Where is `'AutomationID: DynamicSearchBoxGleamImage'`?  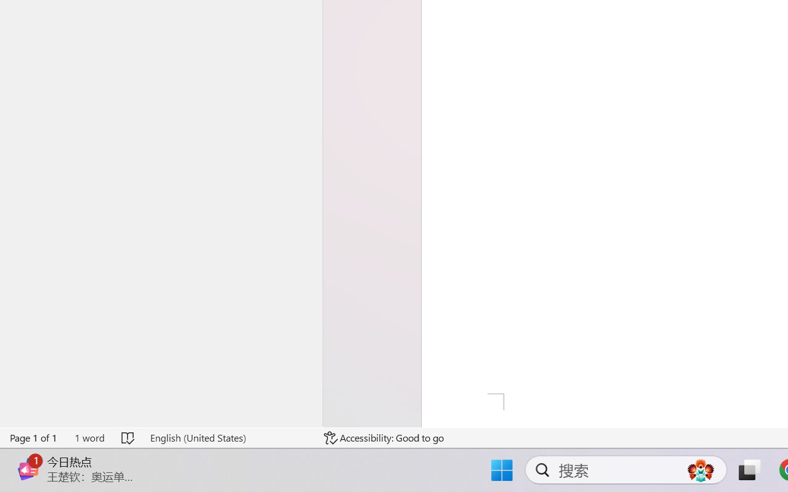
'AutomationID: DynamicSearchBoxGleamImage' is located at coordinates (701, 470).